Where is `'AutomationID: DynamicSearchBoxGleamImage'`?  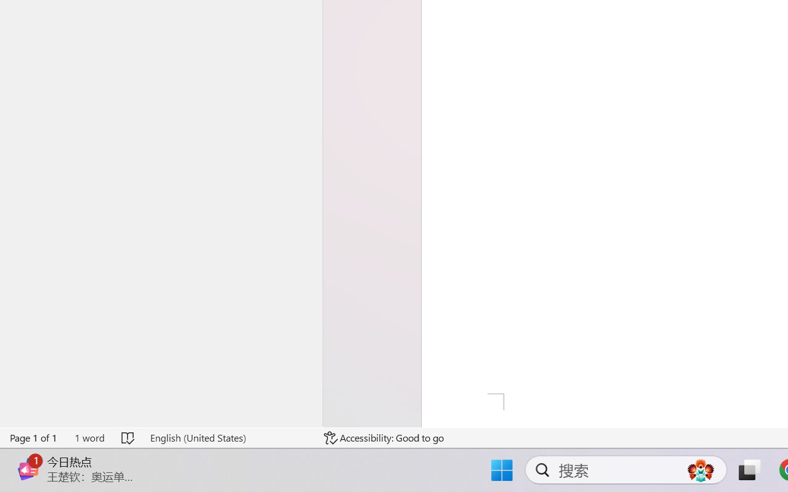
'AutomationID: DynamicSearchBoxGleamImage' is located at coordinates (701, 470).